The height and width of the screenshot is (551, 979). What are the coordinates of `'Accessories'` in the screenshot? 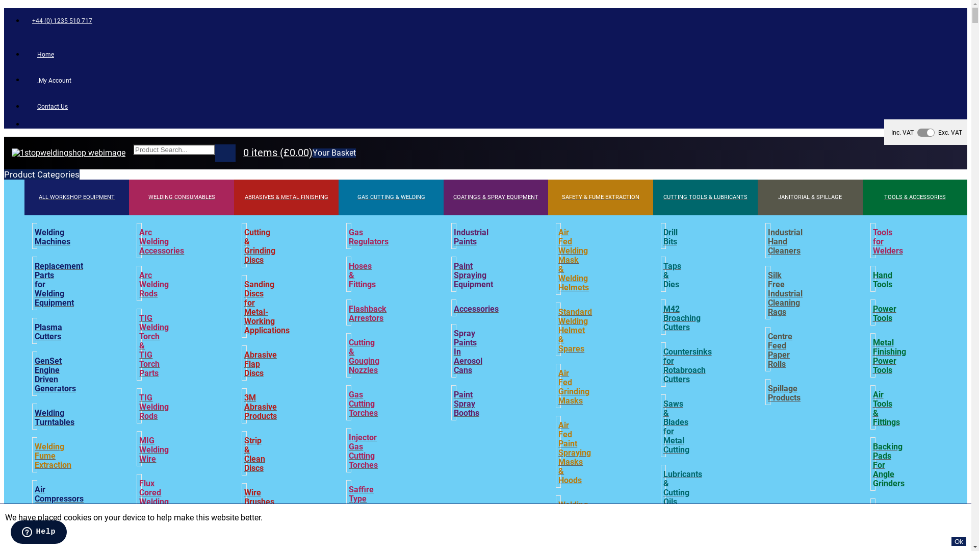 It's located at (476, 308).